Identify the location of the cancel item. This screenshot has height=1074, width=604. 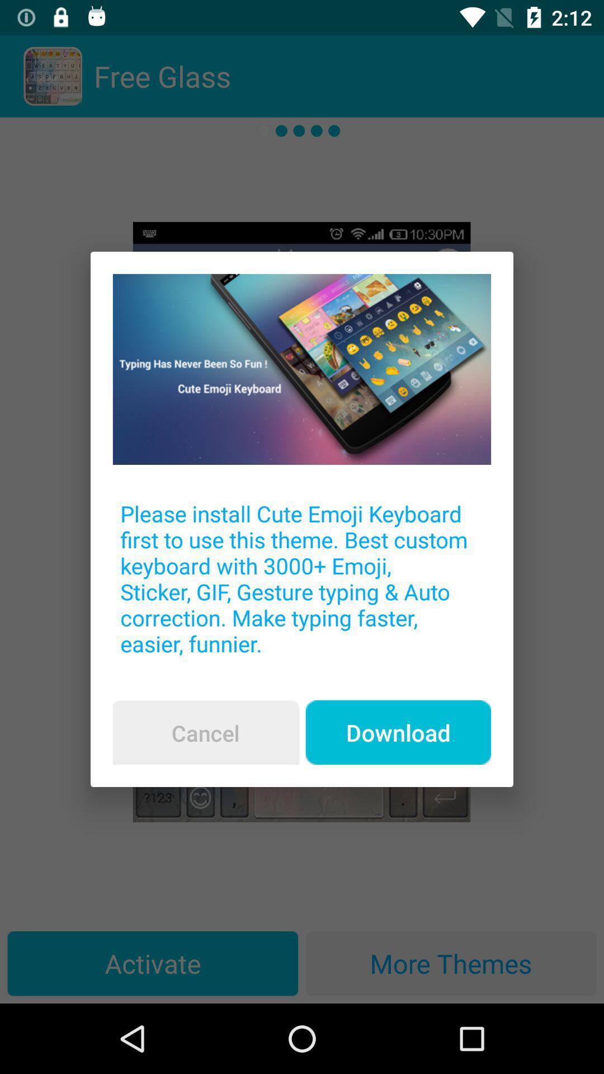
(205, 733).